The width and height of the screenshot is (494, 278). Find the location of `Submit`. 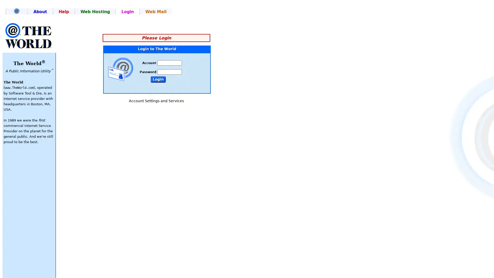

Submit is located at coordinates (158, 79).